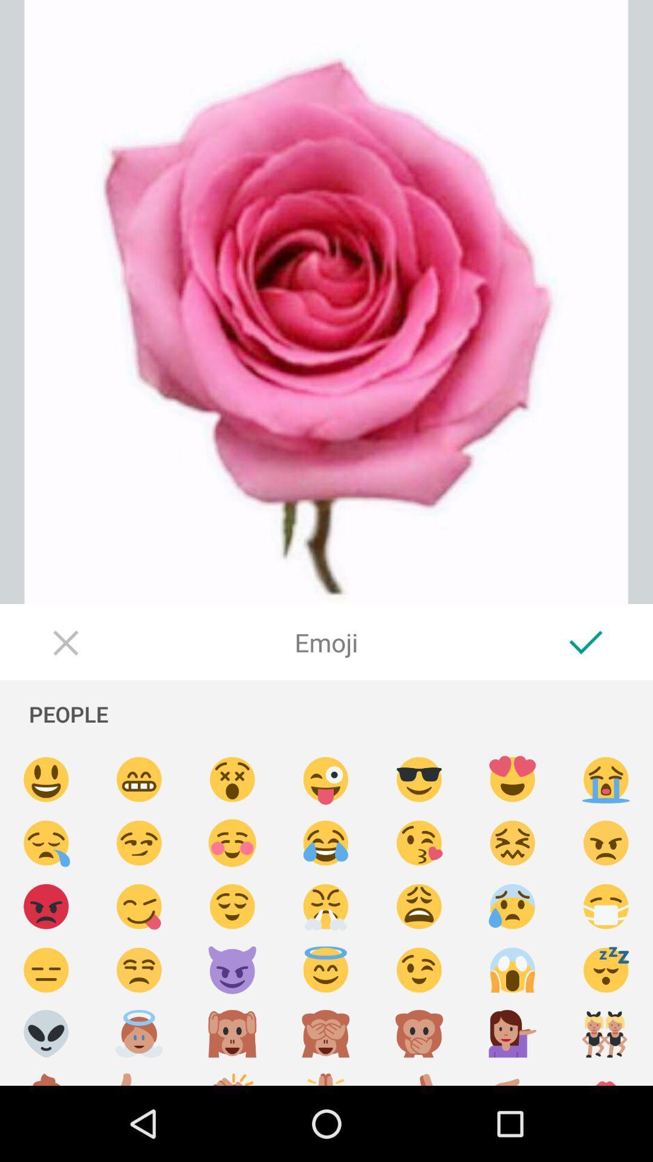 Image resolution: width=653 pixels, height=1162 pixels. What do you see at coordinates (45, 842) in the screenshot?
I see `emoji` at bounding box center [45, 842].